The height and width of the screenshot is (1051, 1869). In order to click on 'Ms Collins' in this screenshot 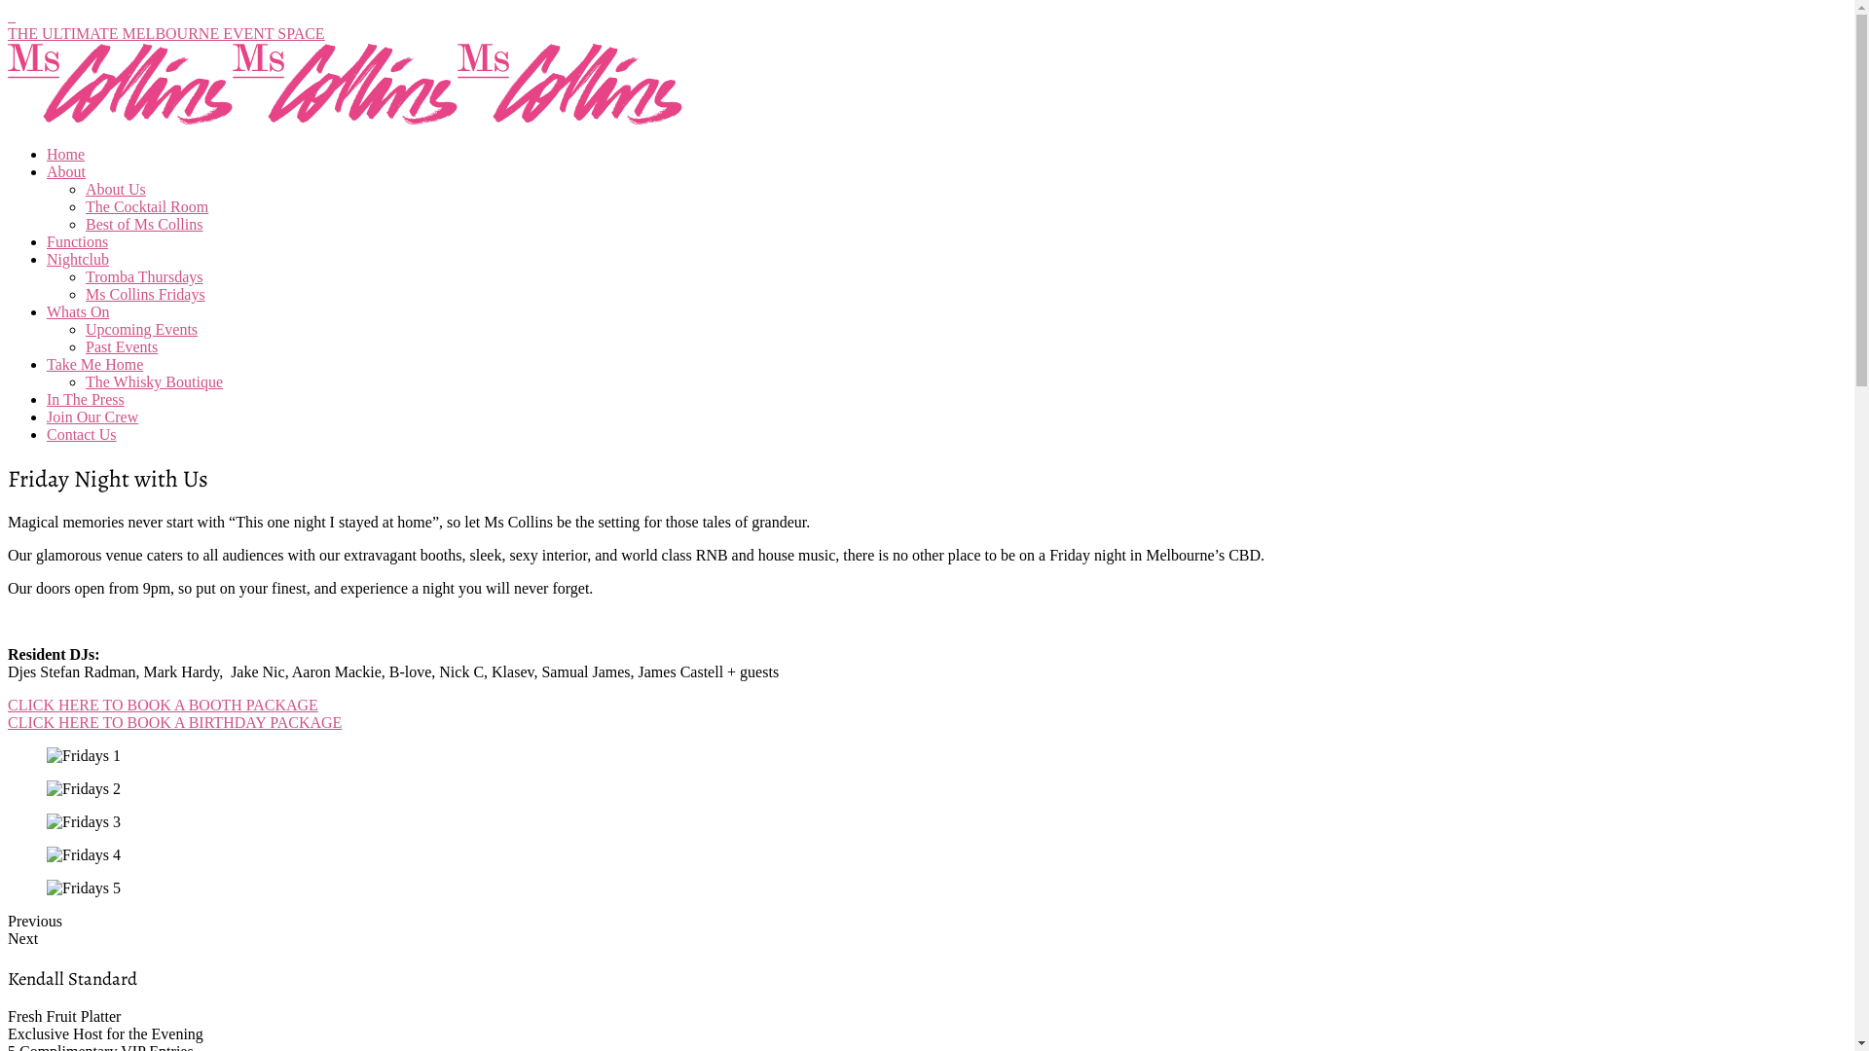, I will do `click(568, 121)`.